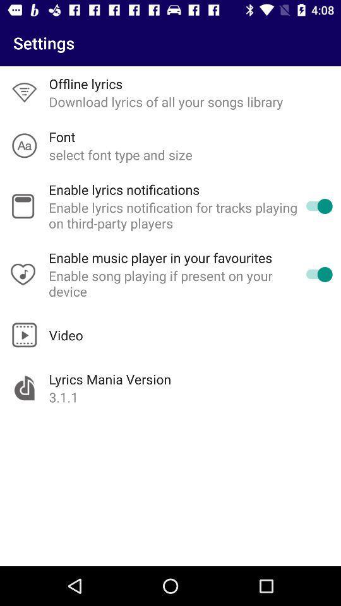 The width and height of the screenshot is (341, 606). I want to click on offline lyrics icon, so click(85, 83).